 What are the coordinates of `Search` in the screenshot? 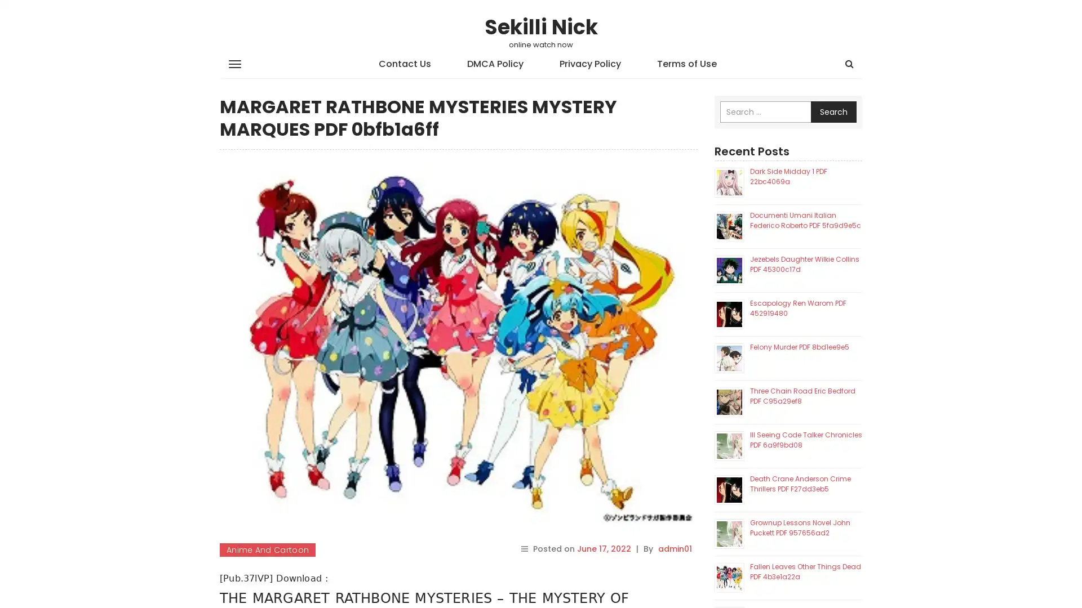 It's located at (833, 112).